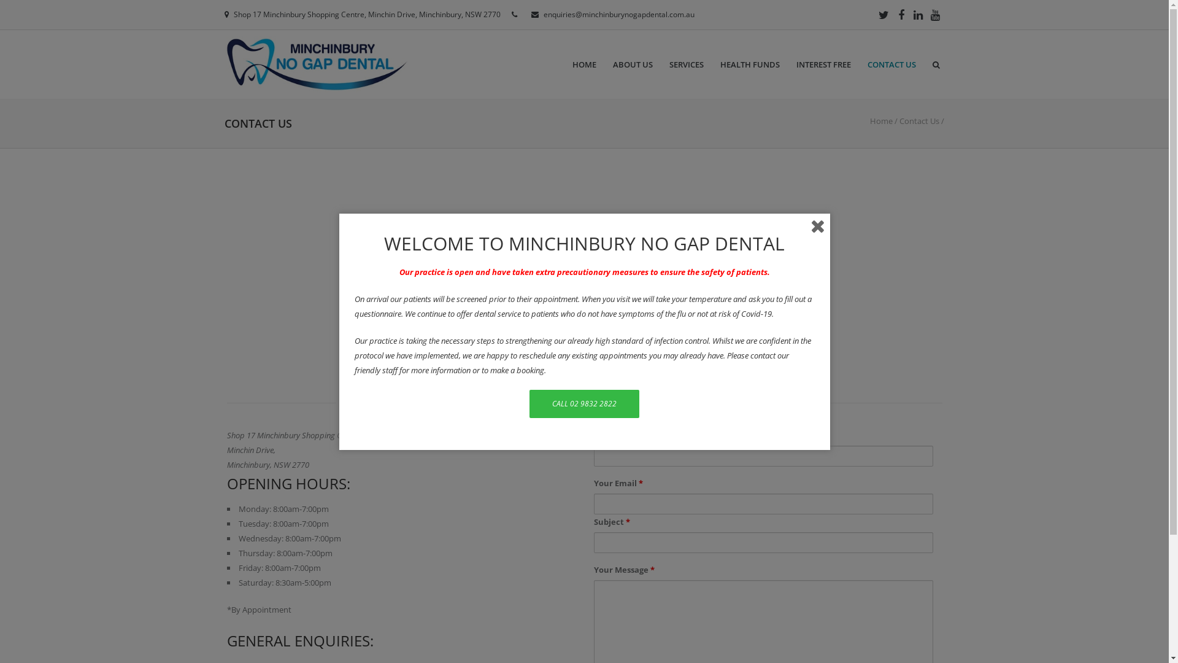 The image size is (1178, 663). What do you see at coordinates (543, 14) in the screenshot?
I see `'enquiries@minchinburynogapdental.com.au'` at bounding box center [543, 14].